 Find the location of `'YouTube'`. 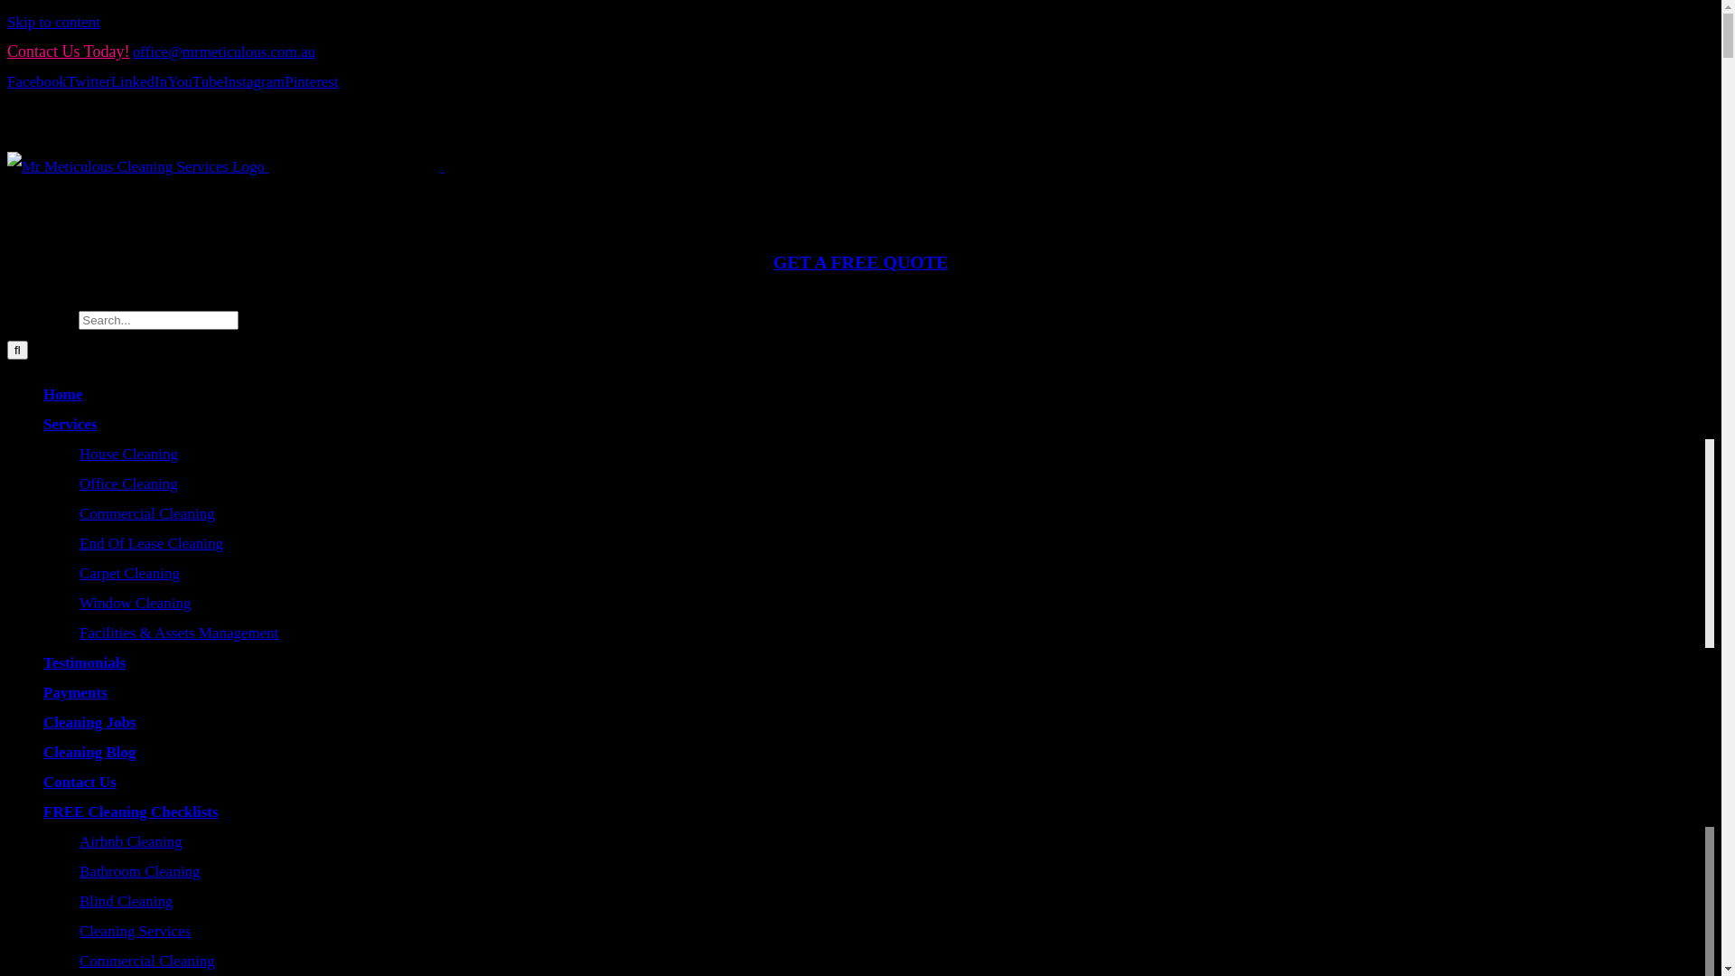

'YouTube' is located at coordinates (195, 81).